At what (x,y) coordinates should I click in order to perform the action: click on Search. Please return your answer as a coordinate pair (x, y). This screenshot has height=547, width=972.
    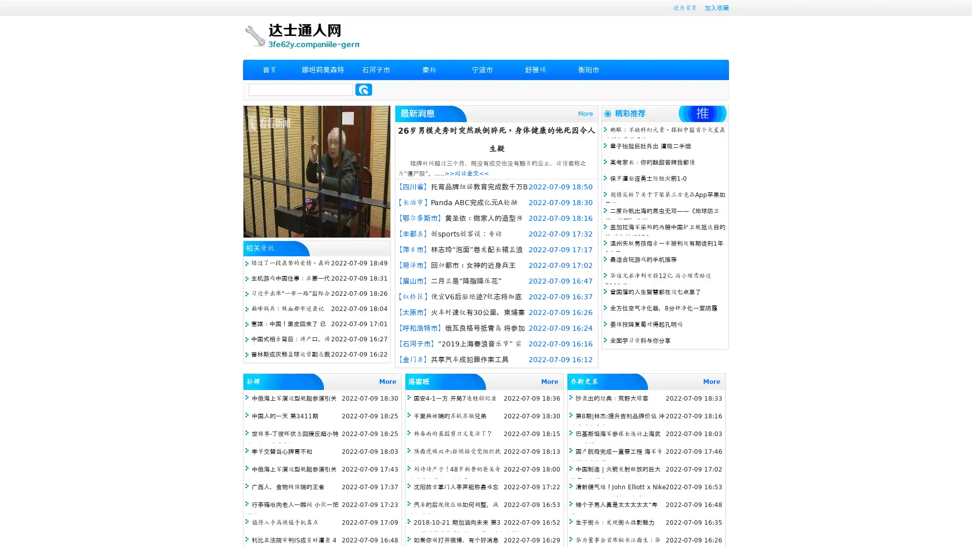
    Looking at the image, I should click on (363, 89).